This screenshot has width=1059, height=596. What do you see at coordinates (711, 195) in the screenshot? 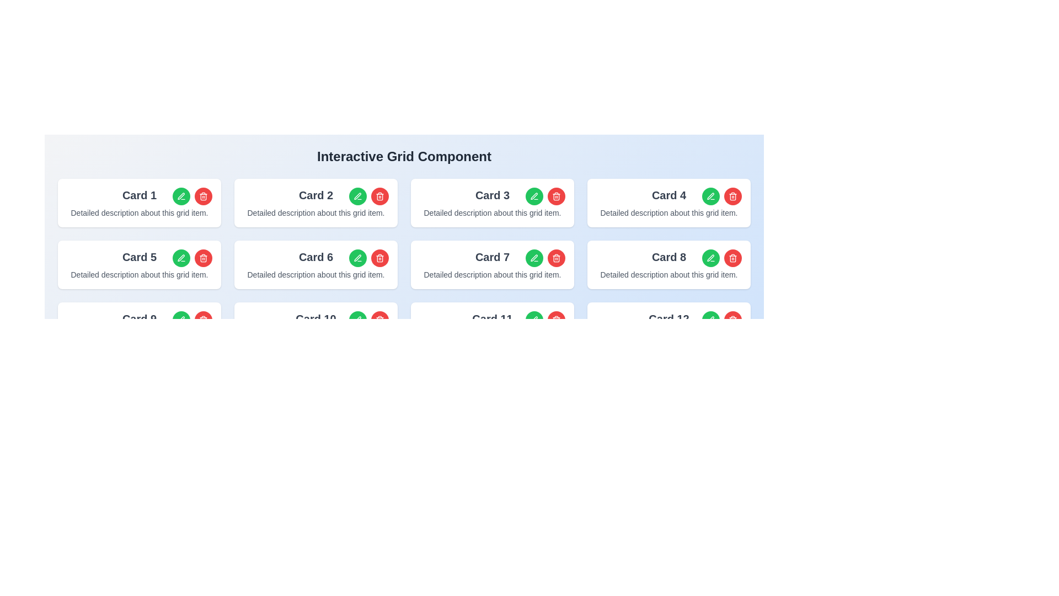
I see `the round green edit button with a white pen icon located in the upper-right corner of 'Card 4'` at bounding box center [711, 195].